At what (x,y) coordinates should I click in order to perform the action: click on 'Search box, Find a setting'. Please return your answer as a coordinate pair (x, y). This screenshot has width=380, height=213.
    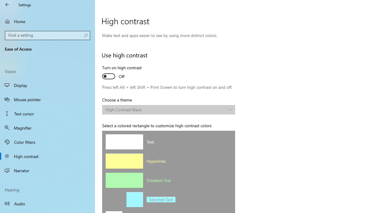
    Looking at the image, I should click on (47, 35).